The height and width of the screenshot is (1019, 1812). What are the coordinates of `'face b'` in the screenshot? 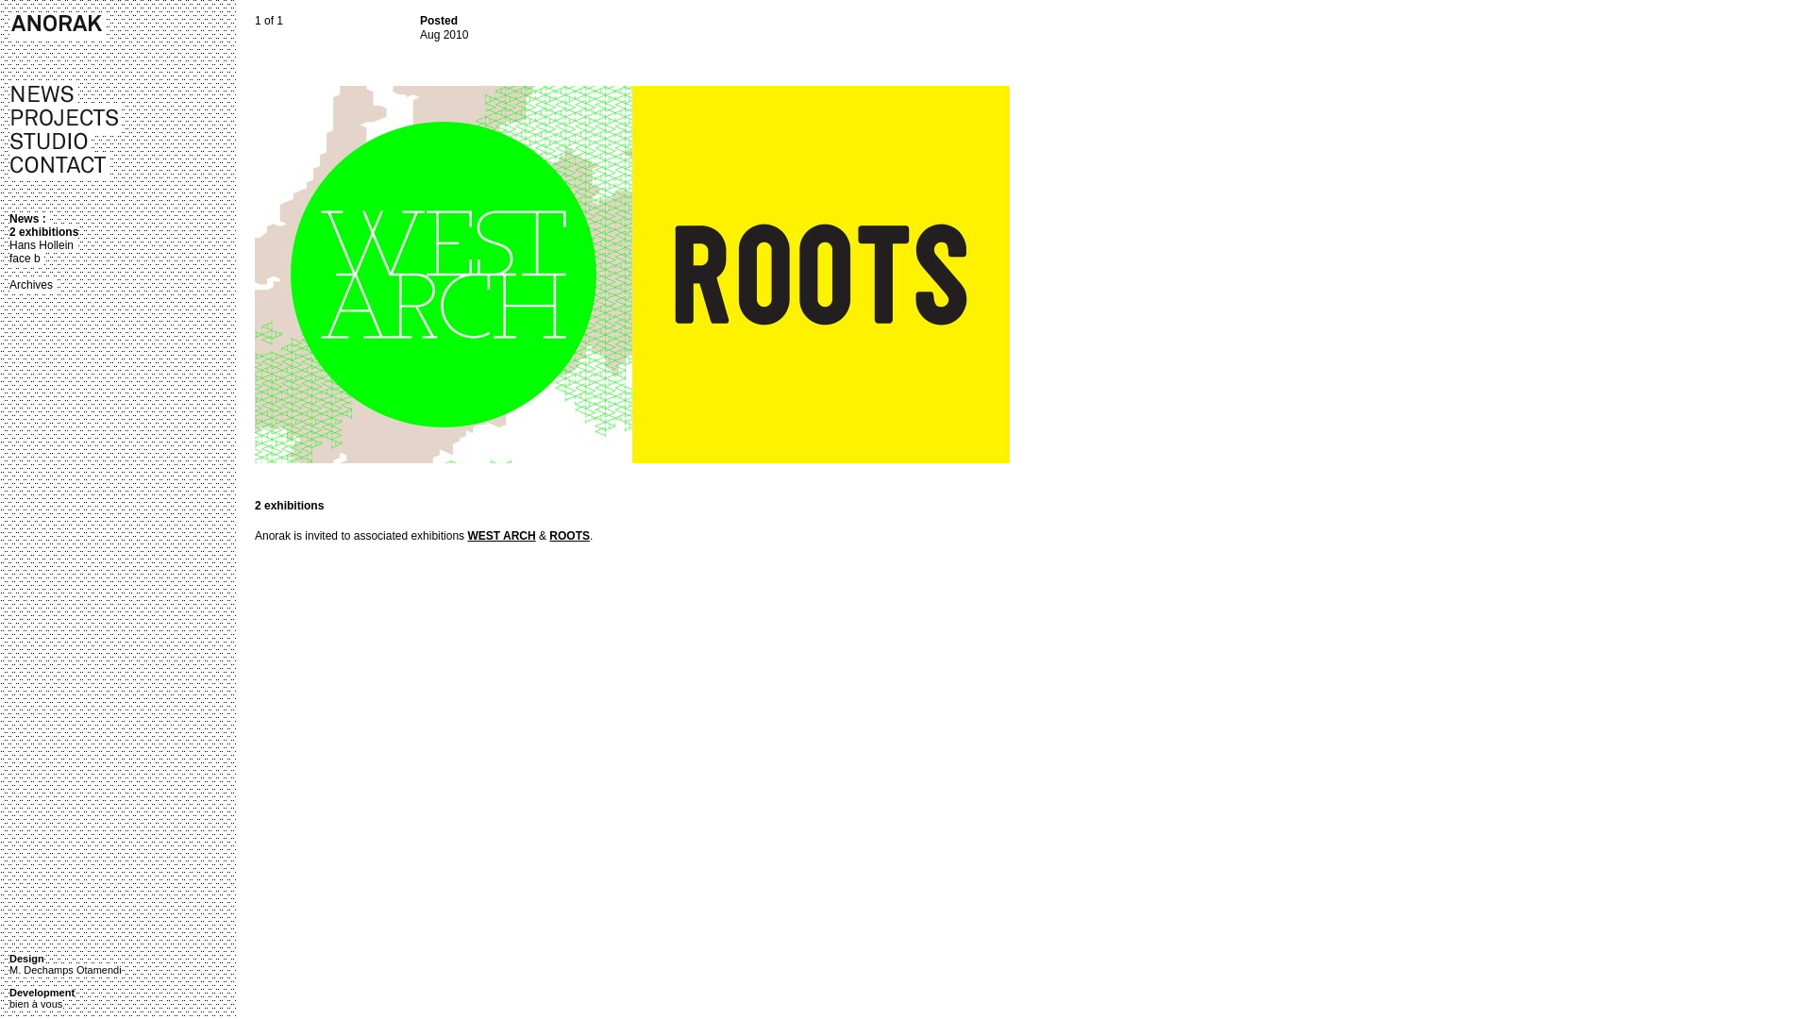 It's located at (26, 258).